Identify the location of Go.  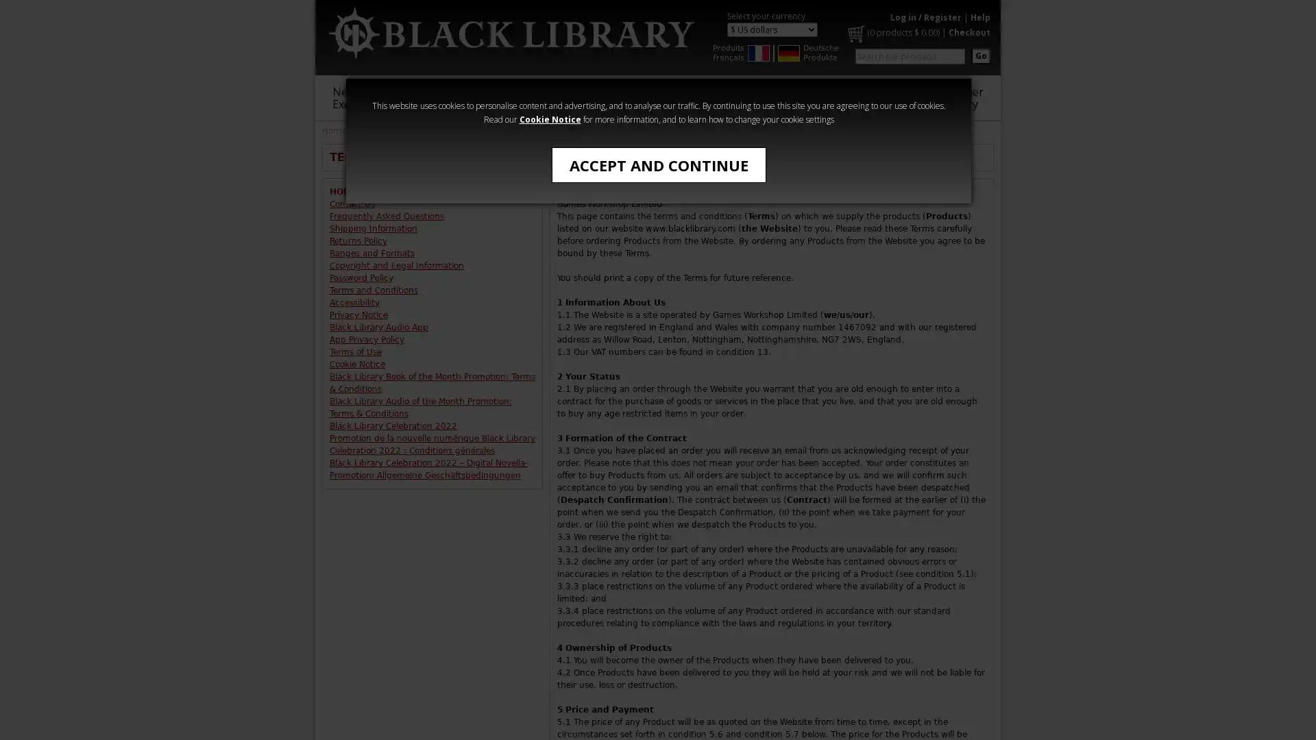
(980, 55).